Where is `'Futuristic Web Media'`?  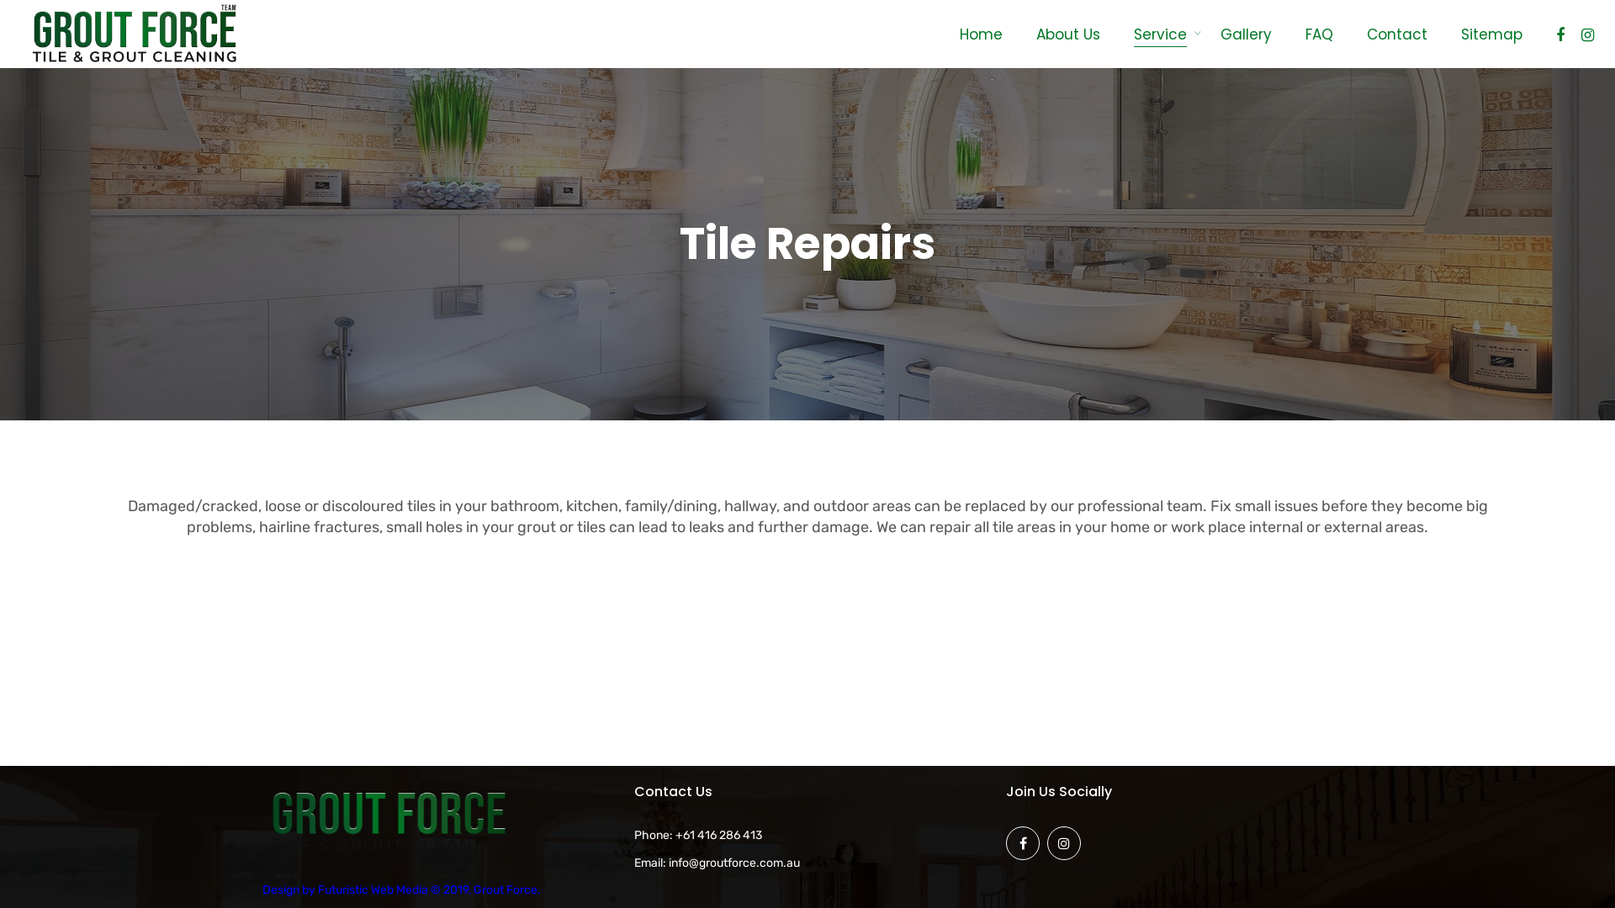 'Futuristic Web Media' is located at coordinates (372, 889).